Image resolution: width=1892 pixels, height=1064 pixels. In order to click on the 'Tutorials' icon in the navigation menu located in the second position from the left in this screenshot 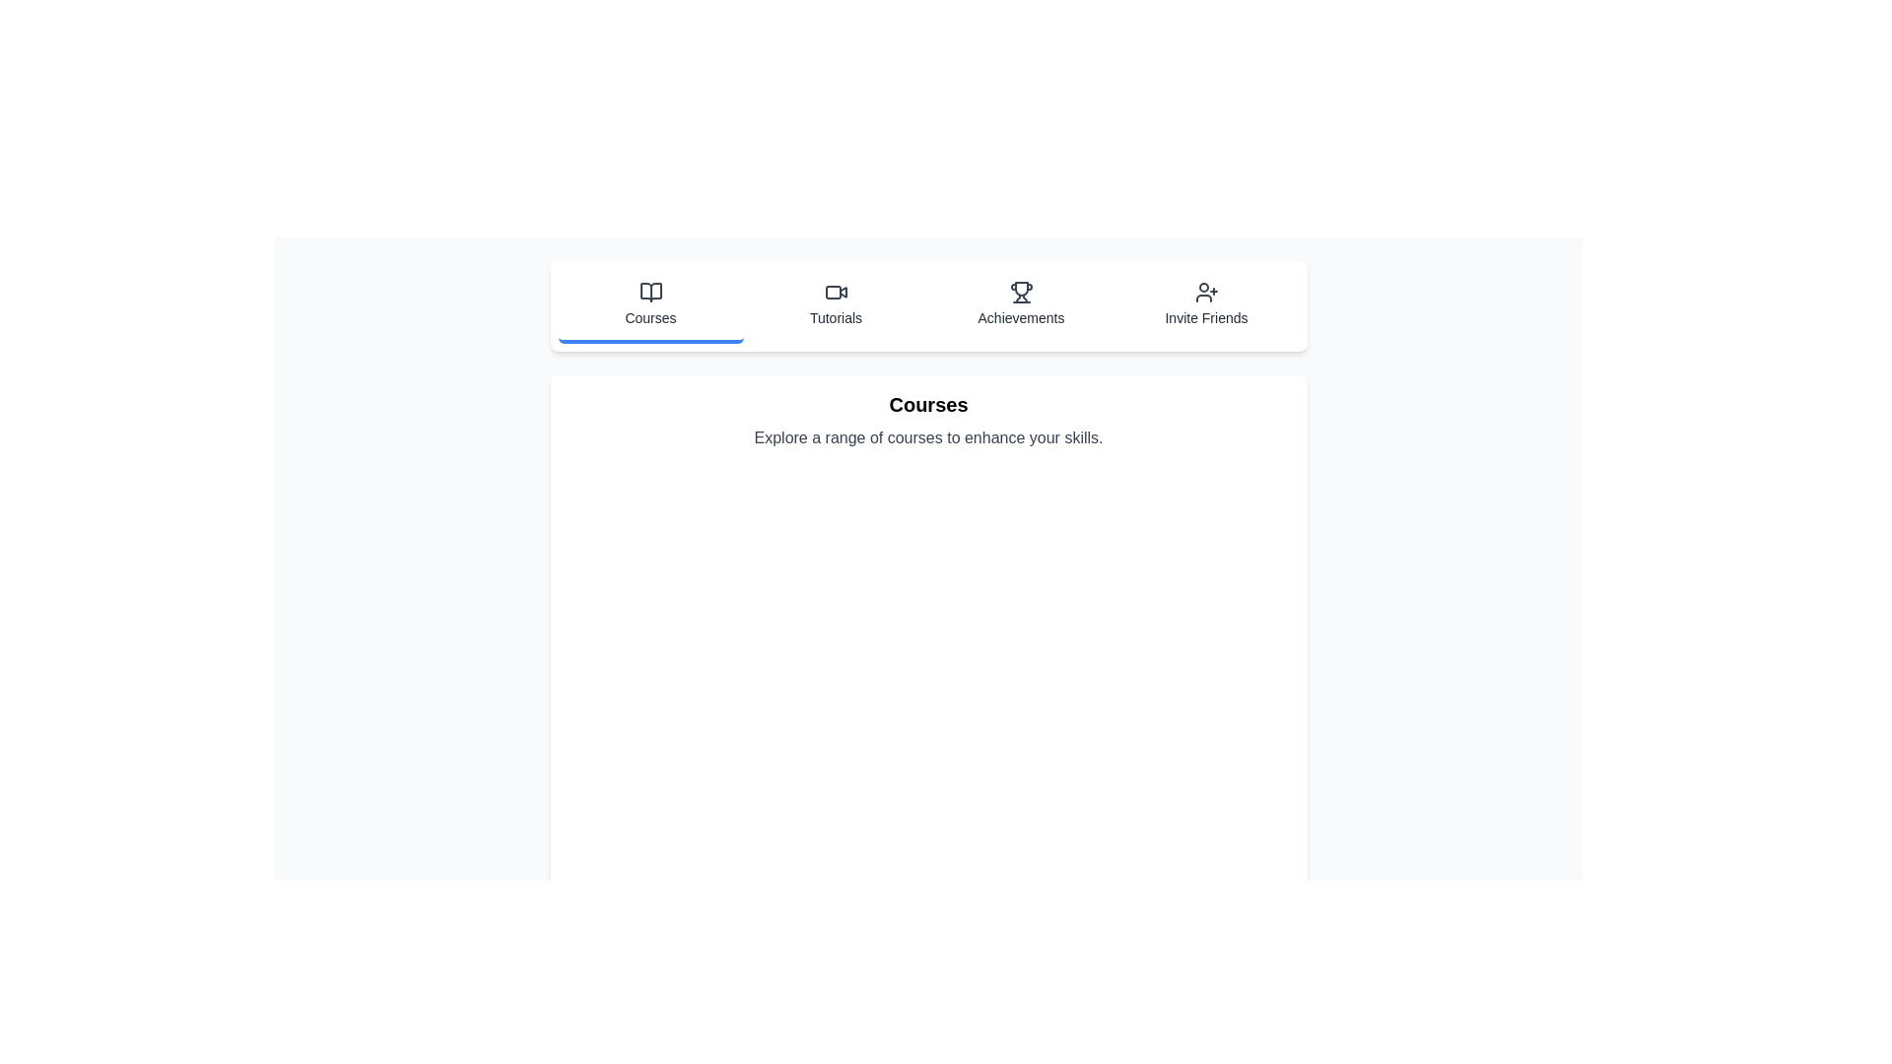, I will do `click(836, 293)`.